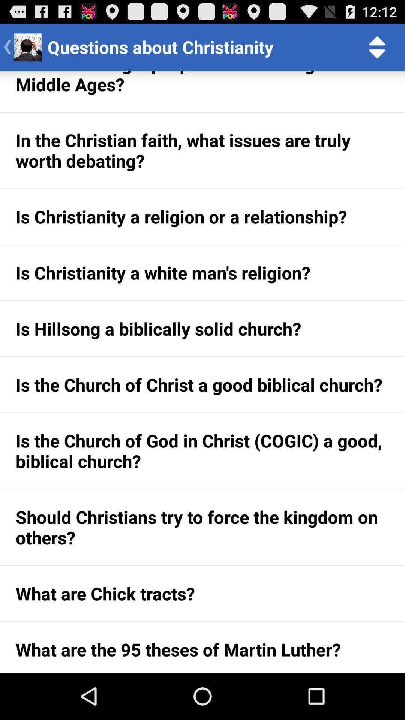 The width and height of the screenshot is (405, 720). Describe the element at coordinates (202, 91) in the screenshot. I see `the how was the app` at that location.